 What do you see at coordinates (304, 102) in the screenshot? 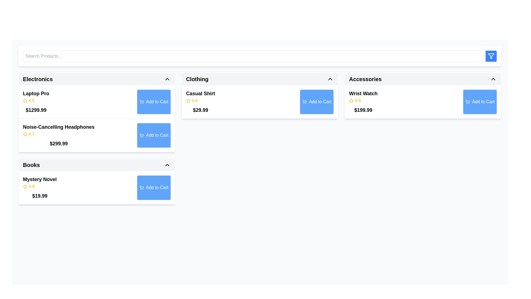
I see `the decorative icon indicating the action to add 'Casual Shirt' to the shopping cart, located in the 'Clothing' section next to the 'Add to Cart' text` at bounding box center [304, 102].